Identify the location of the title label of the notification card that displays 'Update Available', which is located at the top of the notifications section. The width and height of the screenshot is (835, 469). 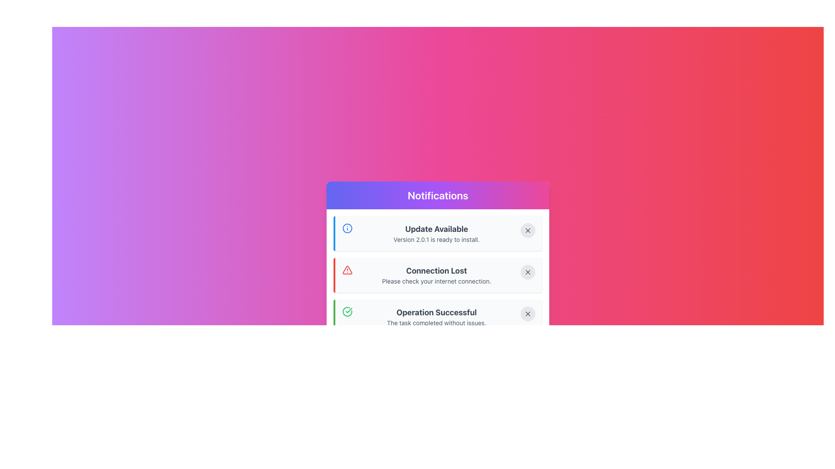
(436, 229).